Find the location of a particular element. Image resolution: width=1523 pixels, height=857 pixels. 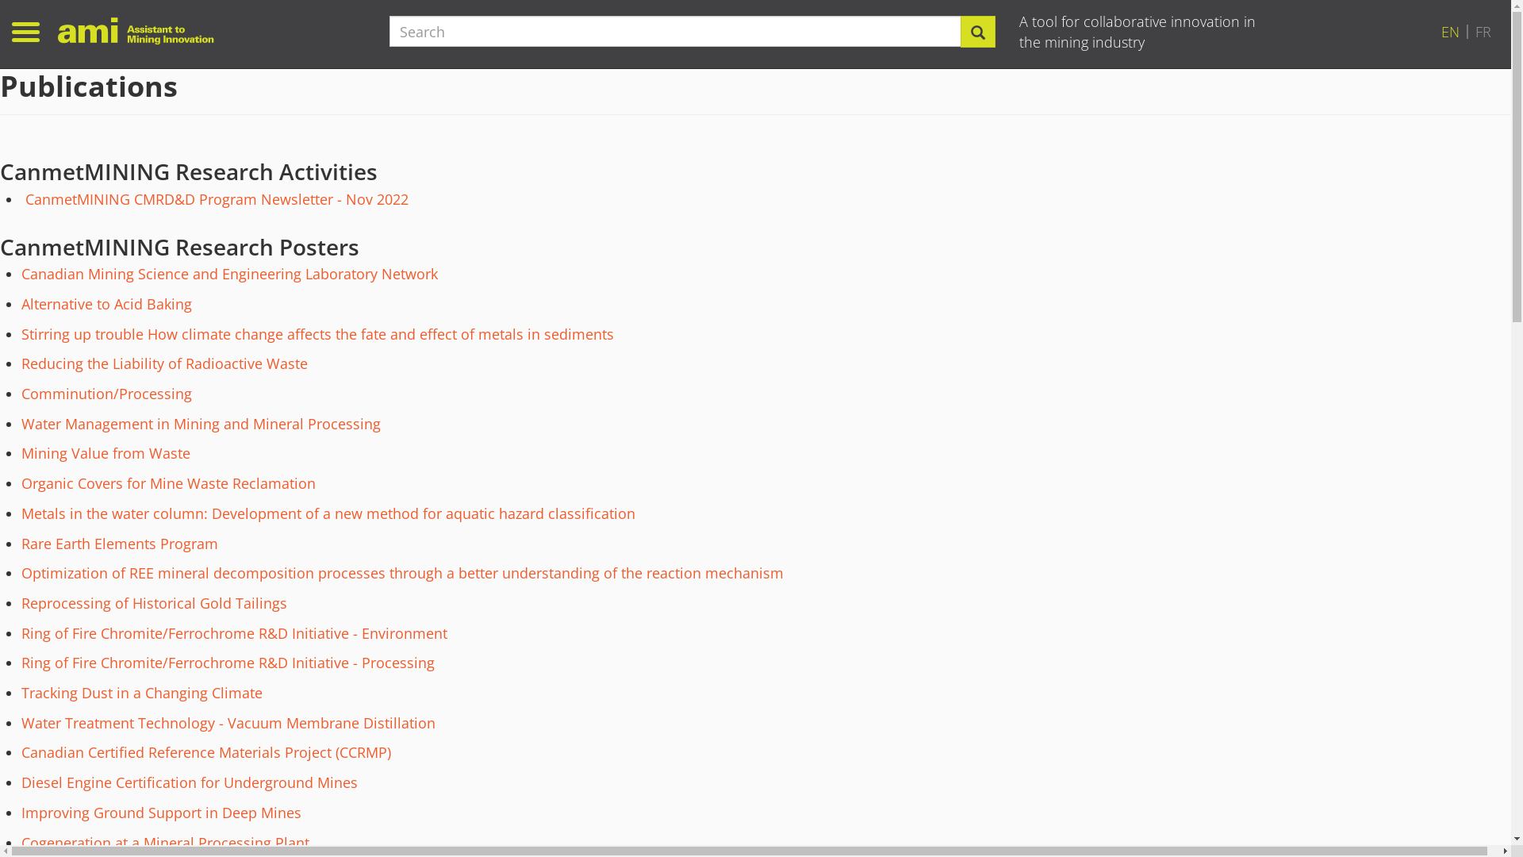

'Search' is located at coordinates (977, 31).